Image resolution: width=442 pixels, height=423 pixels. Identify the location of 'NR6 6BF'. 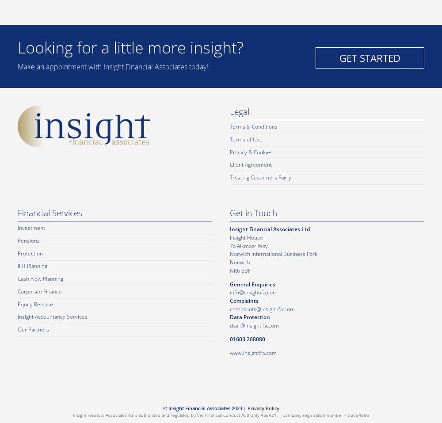
(240, 270).